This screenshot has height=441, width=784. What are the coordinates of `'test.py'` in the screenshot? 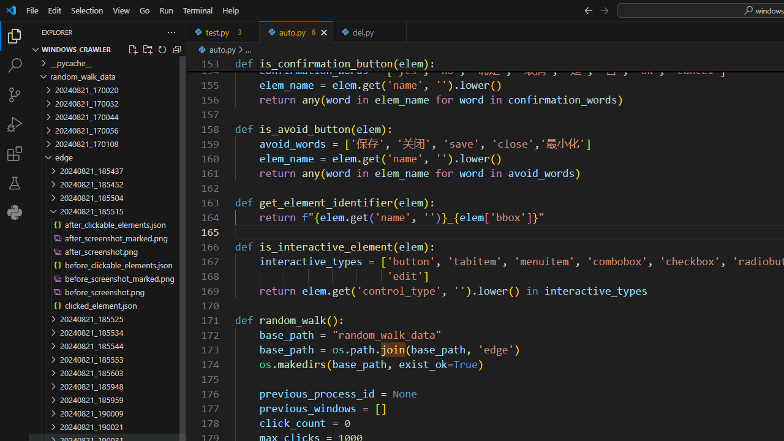 It's located at (223, 31).